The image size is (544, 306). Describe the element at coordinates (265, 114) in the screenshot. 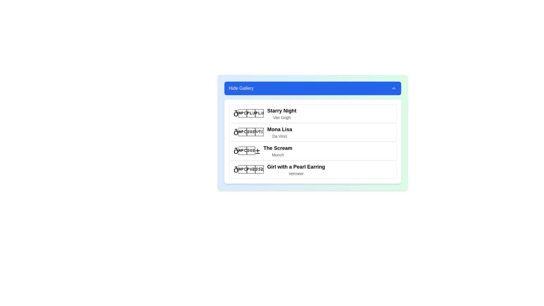

I see `the list item containing the globe emoji icon and the text 'Starry Night' by 'Van Gogh' to possibly see additional information` at that location.